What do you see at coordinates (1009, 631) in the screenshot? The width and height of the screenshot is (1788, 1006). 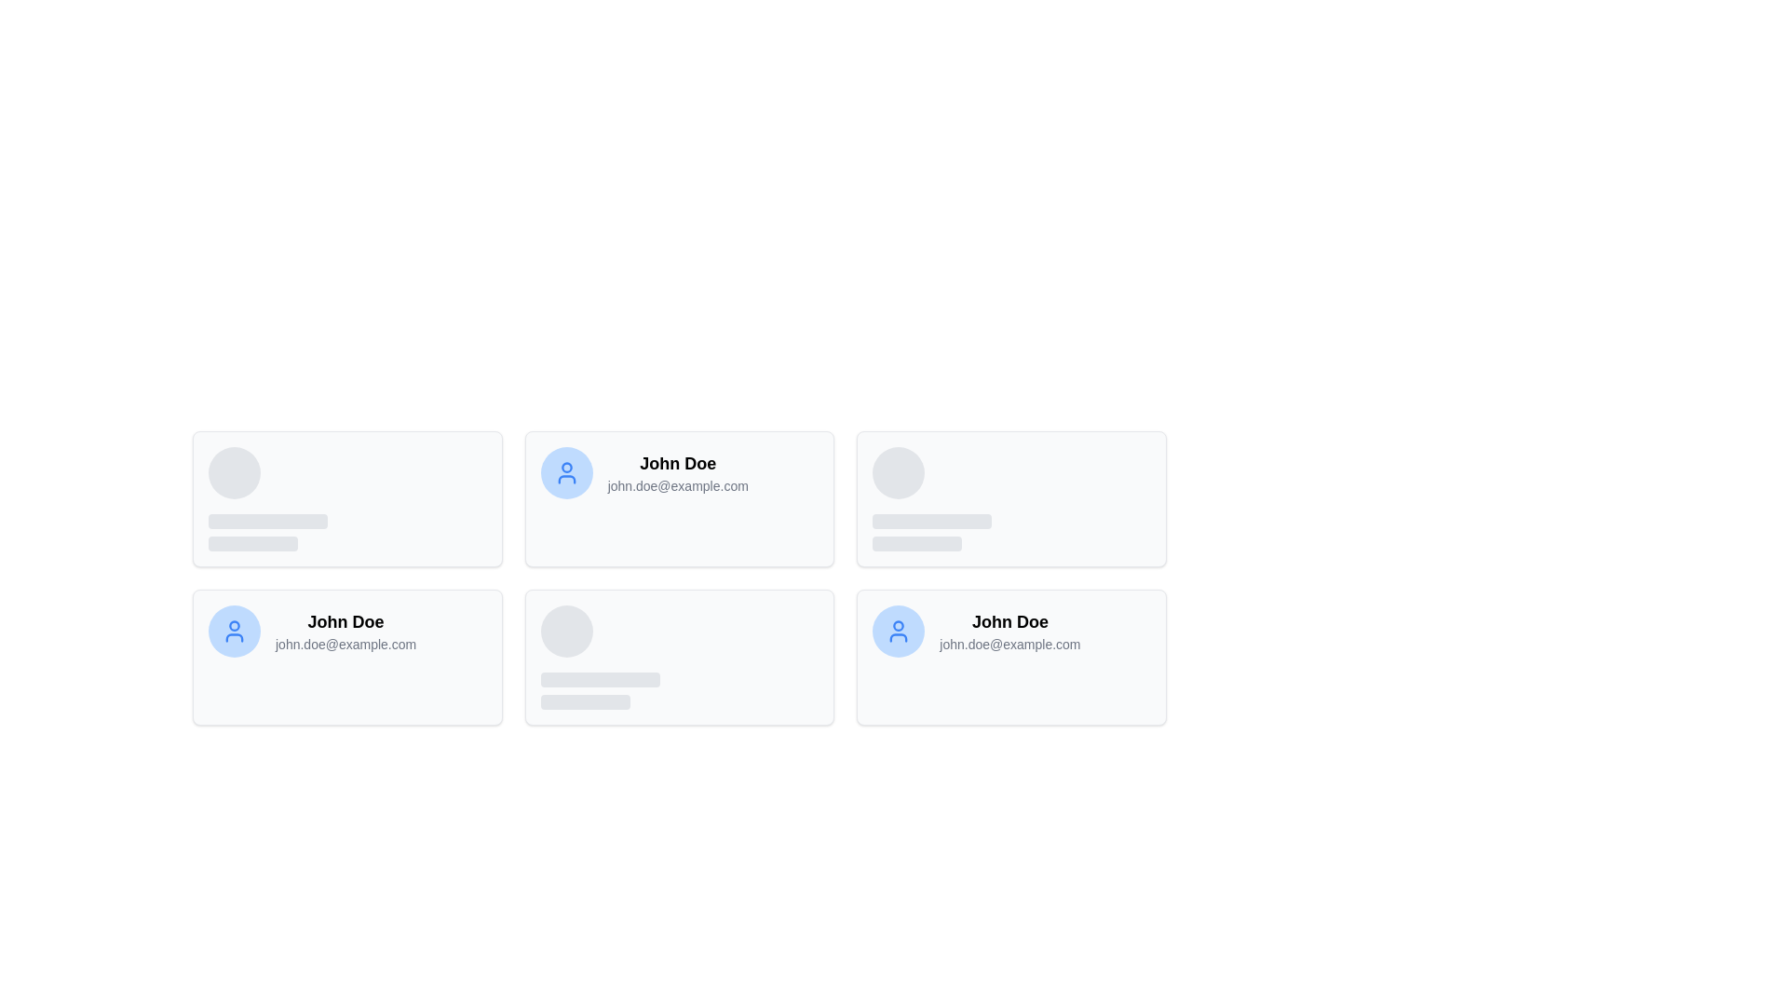 I see `the text-containing component displaying user-identifying information (name and email) located in the bottom-right user card of the 2x3 grid, centered vertically and aligned with the avatar icon` at bounding box center [1009, 631].